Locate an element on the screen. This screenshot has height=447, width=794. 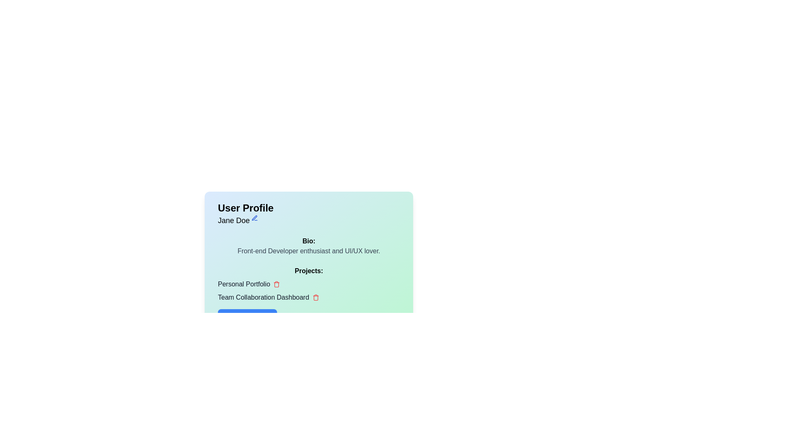
the project names in the list located in the lower section of the user profile card, which contains interactive delete icons for each entry is located at coordinates (309, 295).